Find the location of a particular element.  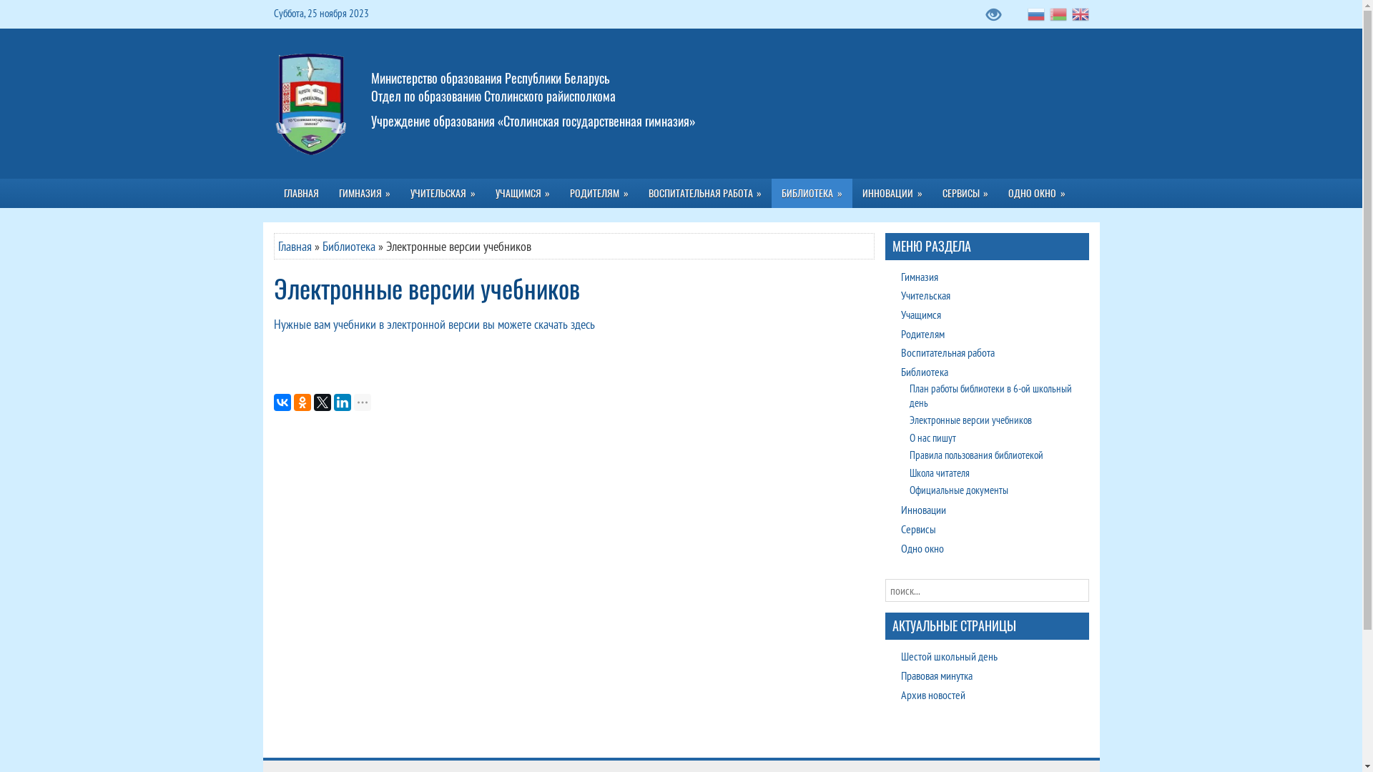

'LinkedIn' is located at coordinates (341, 402).